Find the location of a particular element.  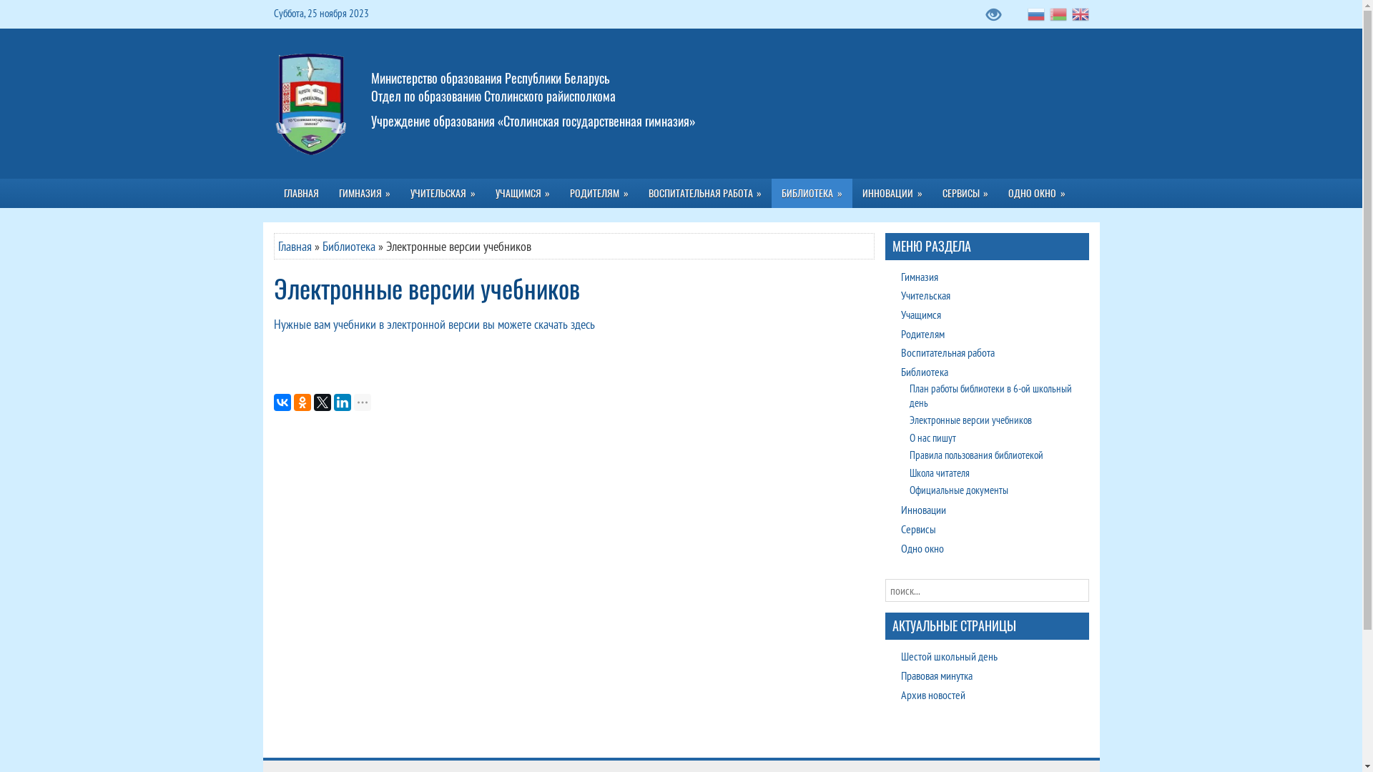

'LinkedIn' is located at coordinates (341, 402).